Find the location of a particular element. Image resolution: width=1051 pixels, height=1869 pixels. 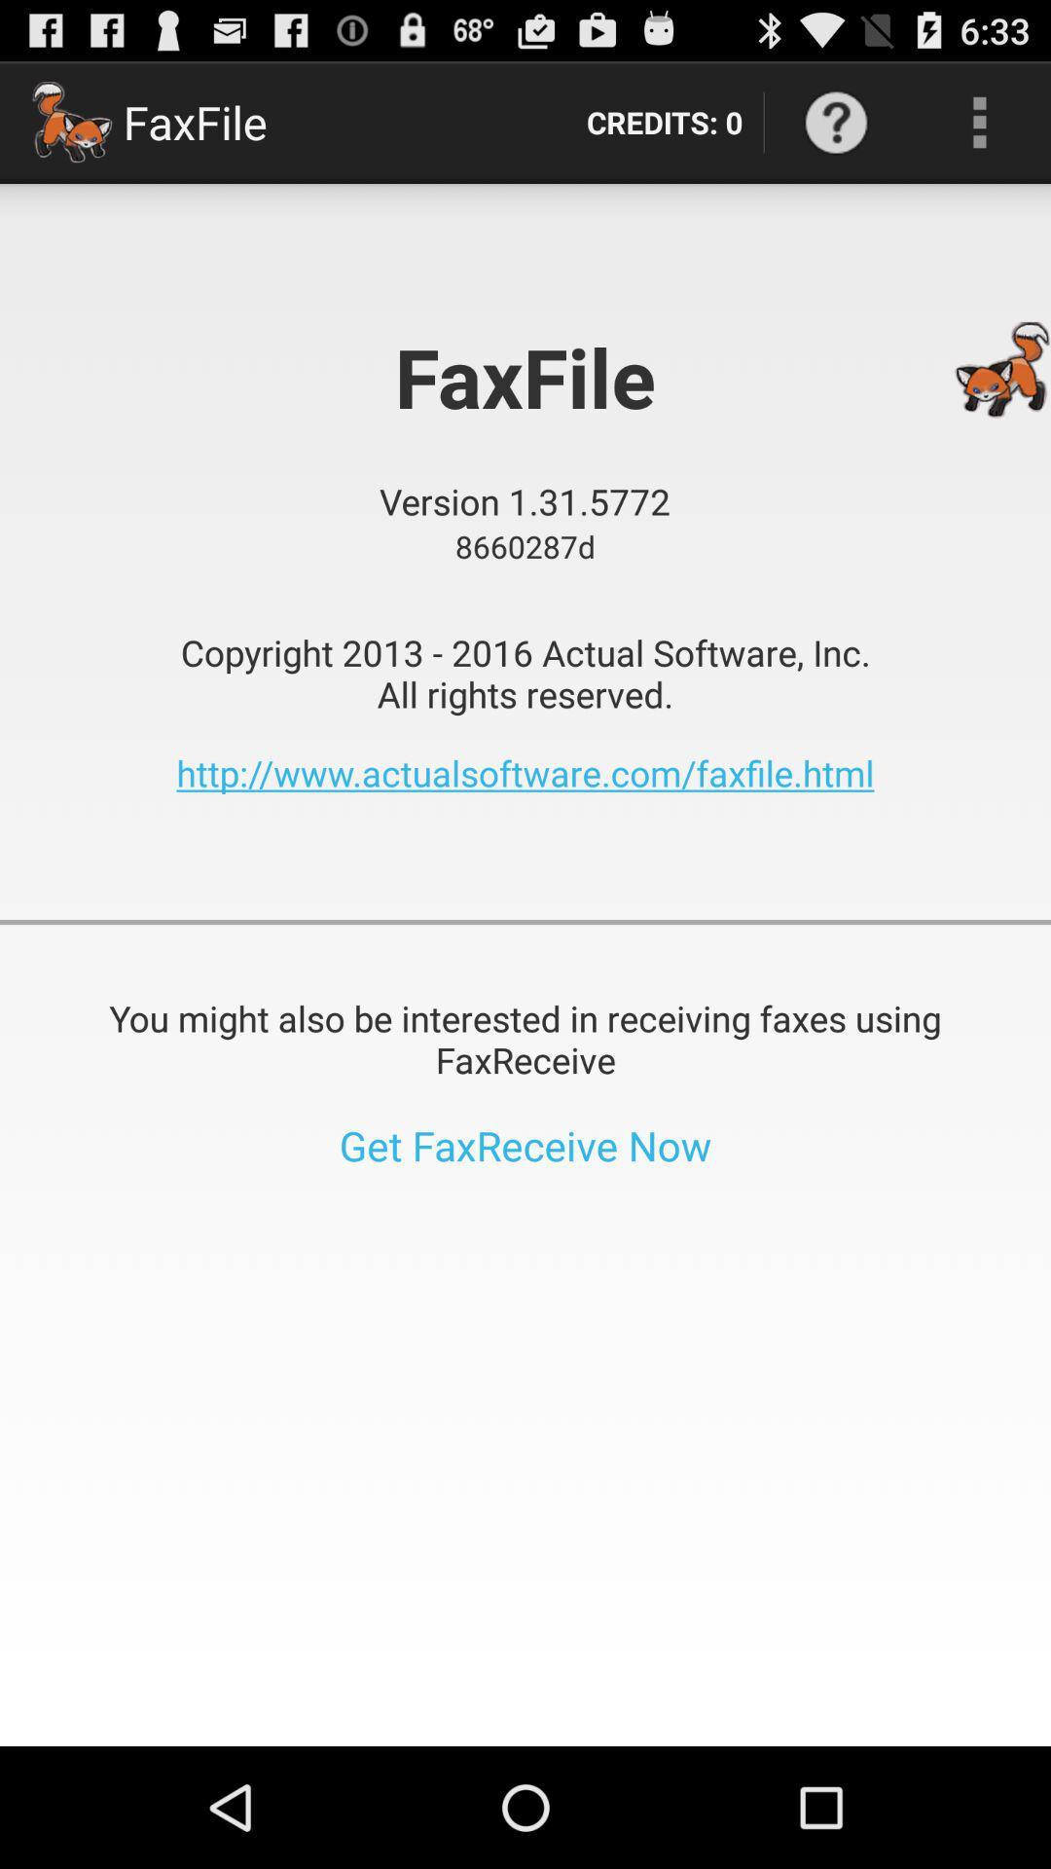

the item above copyright 2013 2016 is located at coordinates (835, 121).